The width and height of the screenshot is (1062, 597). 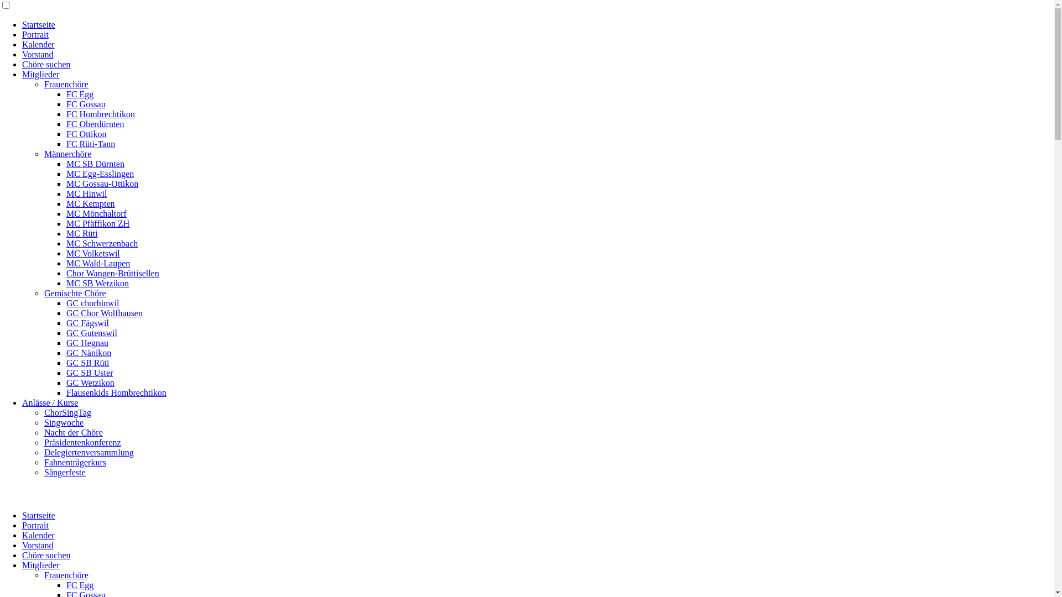 What do you see at coordinates (66, 133) in the screenshot?
I see `'FC Ottikon'` at bounding box center [66, 133].